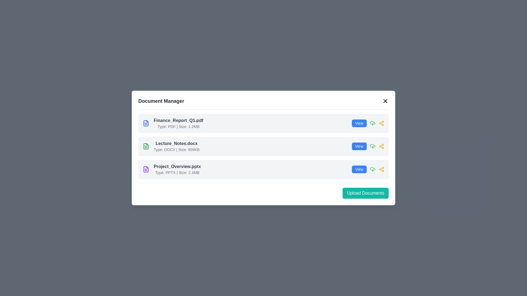 Image resolution: width=527 pixels, height=296 pixels. I want to click on the rectangular button with a blue background and white text that reads 'View', so click(359, 169).